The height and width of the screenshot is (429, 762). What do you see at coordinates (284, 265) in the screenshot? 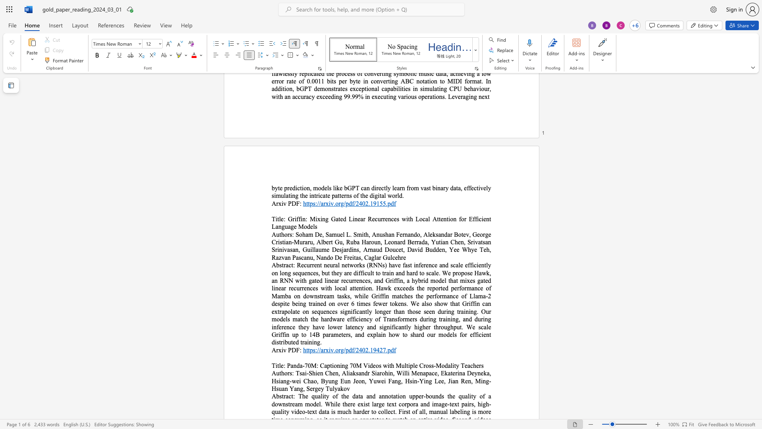
I see `the space between the continuous character "t" and "r" in the text` at bounding box center [284, 265].